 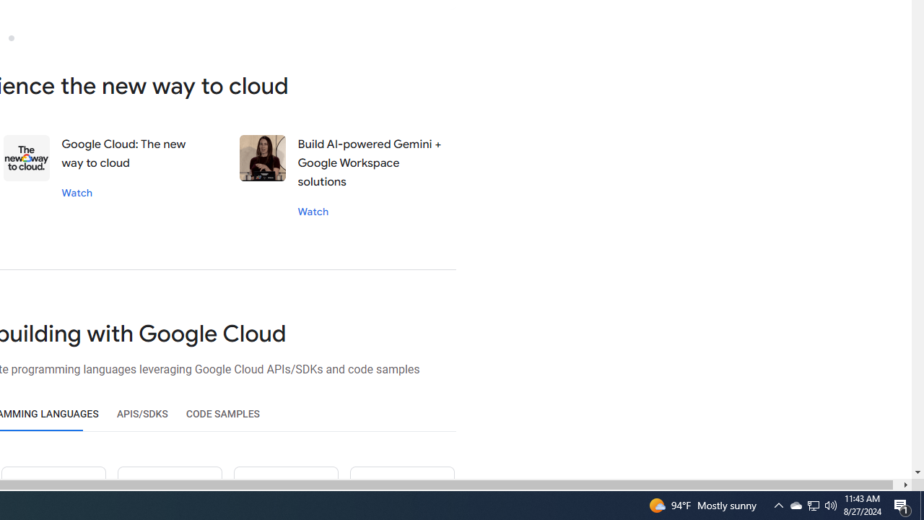 I want to click on 'APIS/SDKS', so click(x=142, y=414).